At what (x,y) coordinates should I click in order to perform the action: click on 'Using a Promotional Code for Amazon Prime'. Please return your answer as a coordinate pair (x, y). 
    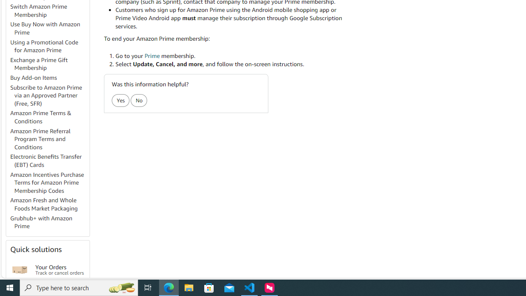
    Looking at the image, I should click on (49, 46).